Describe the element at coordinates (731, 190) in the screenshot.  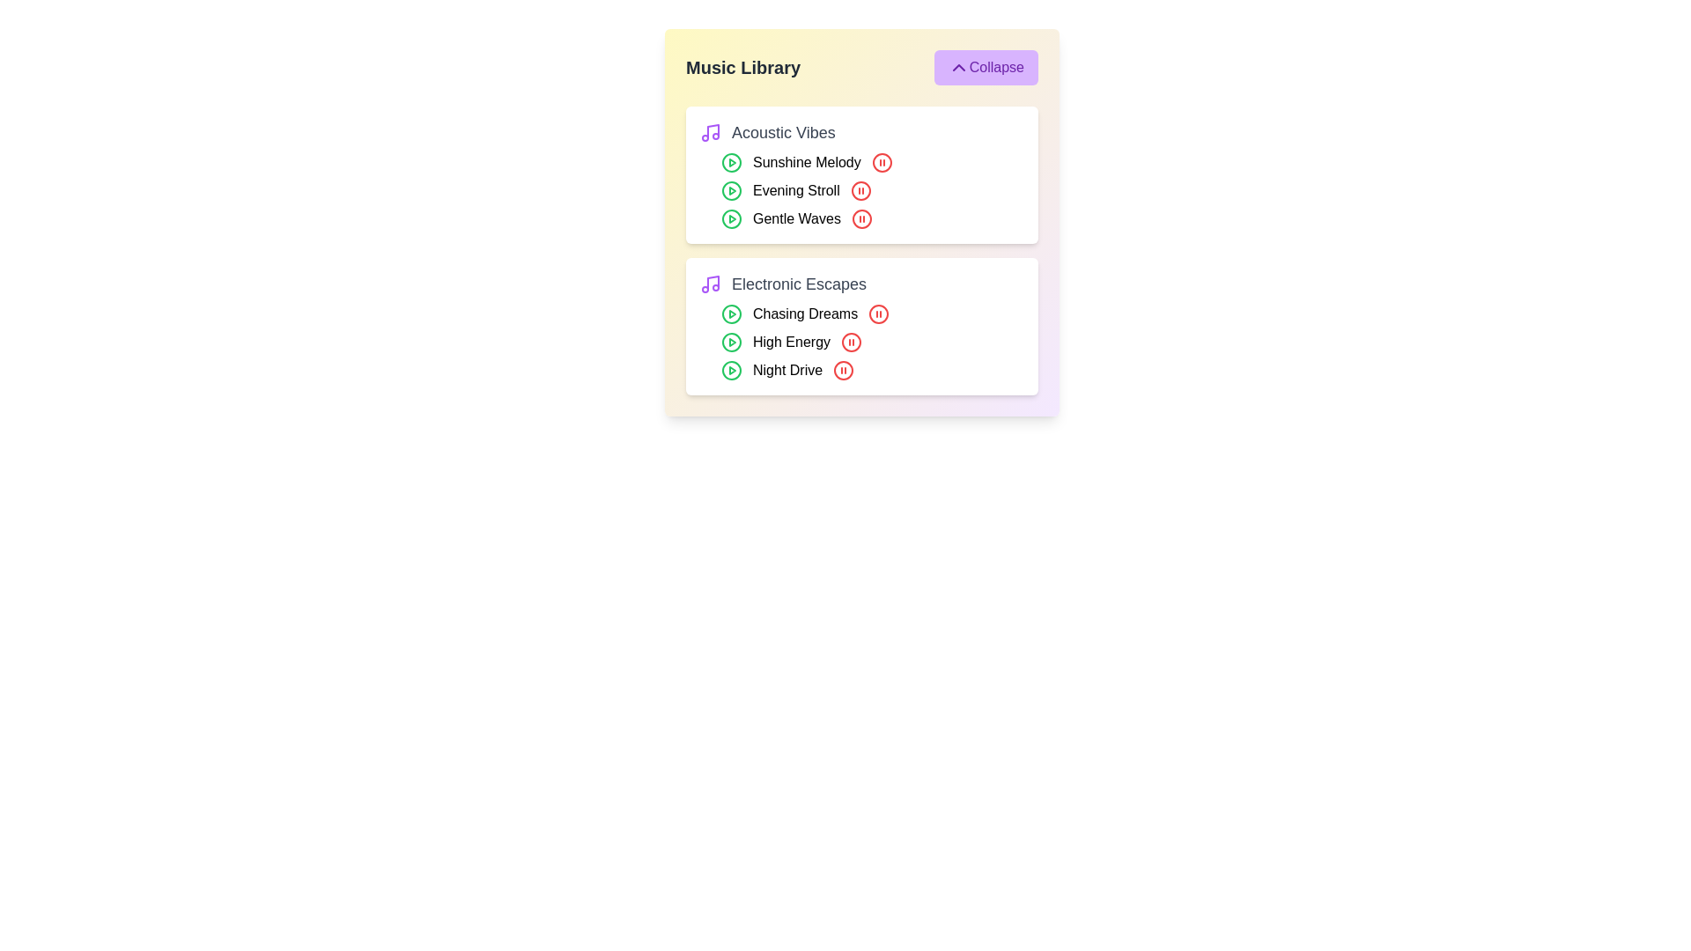
I see `the play button for the track Evening Stroll` at that location.